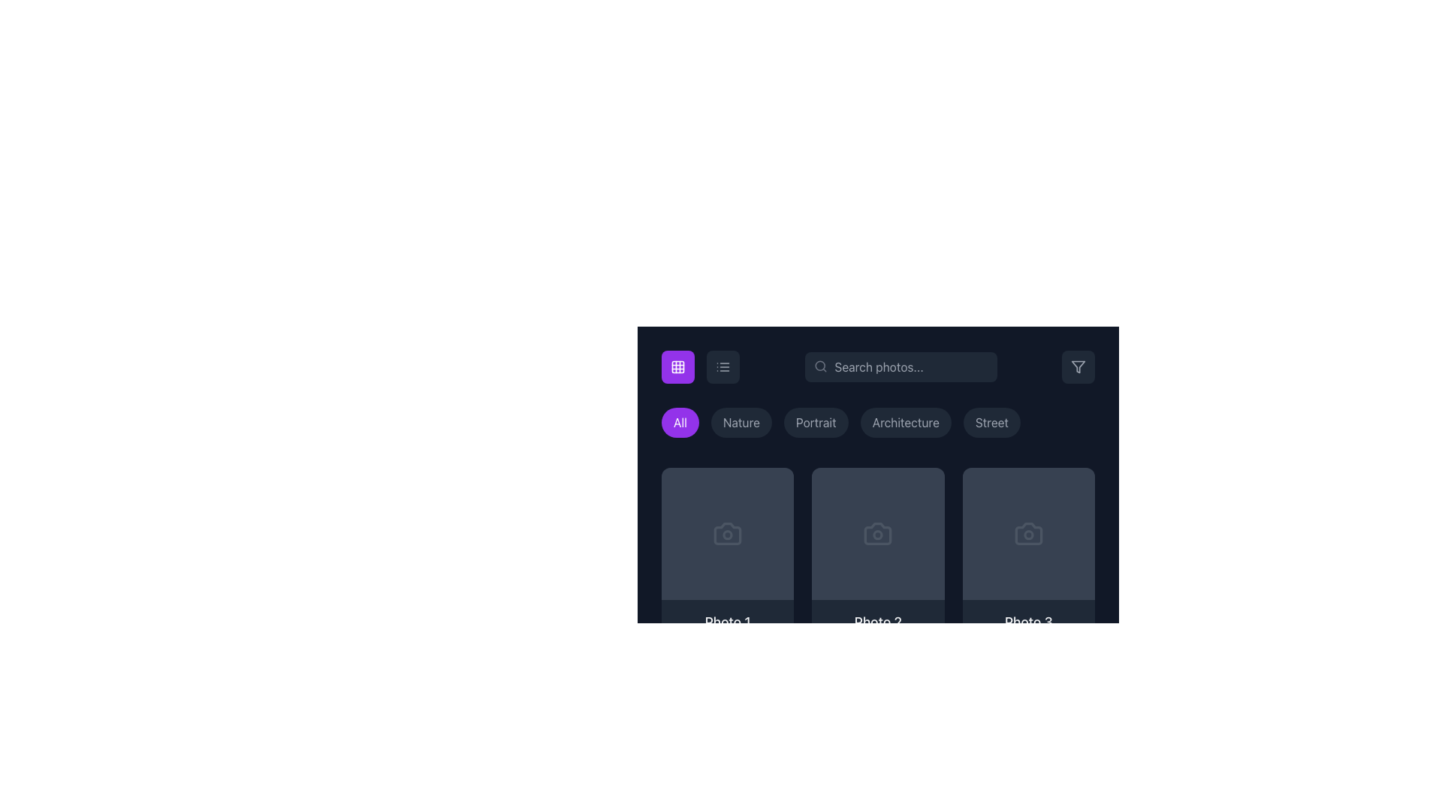 The width and height of the screenshot is (1442, 811). I want to click on the filter funnel icon button located in the top-right corner next to the search bar, so click(1077, 367).